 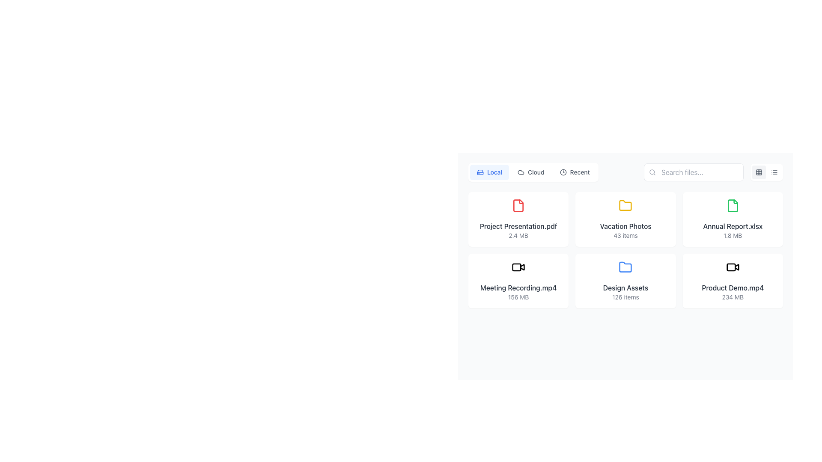 I want to click on the vibrant green file icon that represents a document, positioned above the text 'Annual Report.xlsx 1.8 MB', so click(x=732, y=206).